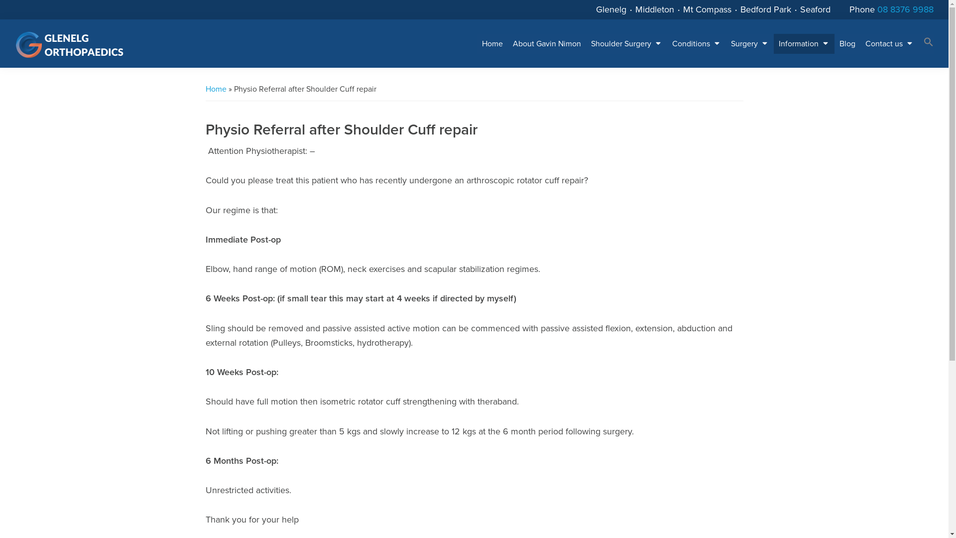 This screenshot has height=538, width=956. What do you see at coordinates (773, 43) in the screenshot?
I see `'Information'` at bounding box center [773, 43].